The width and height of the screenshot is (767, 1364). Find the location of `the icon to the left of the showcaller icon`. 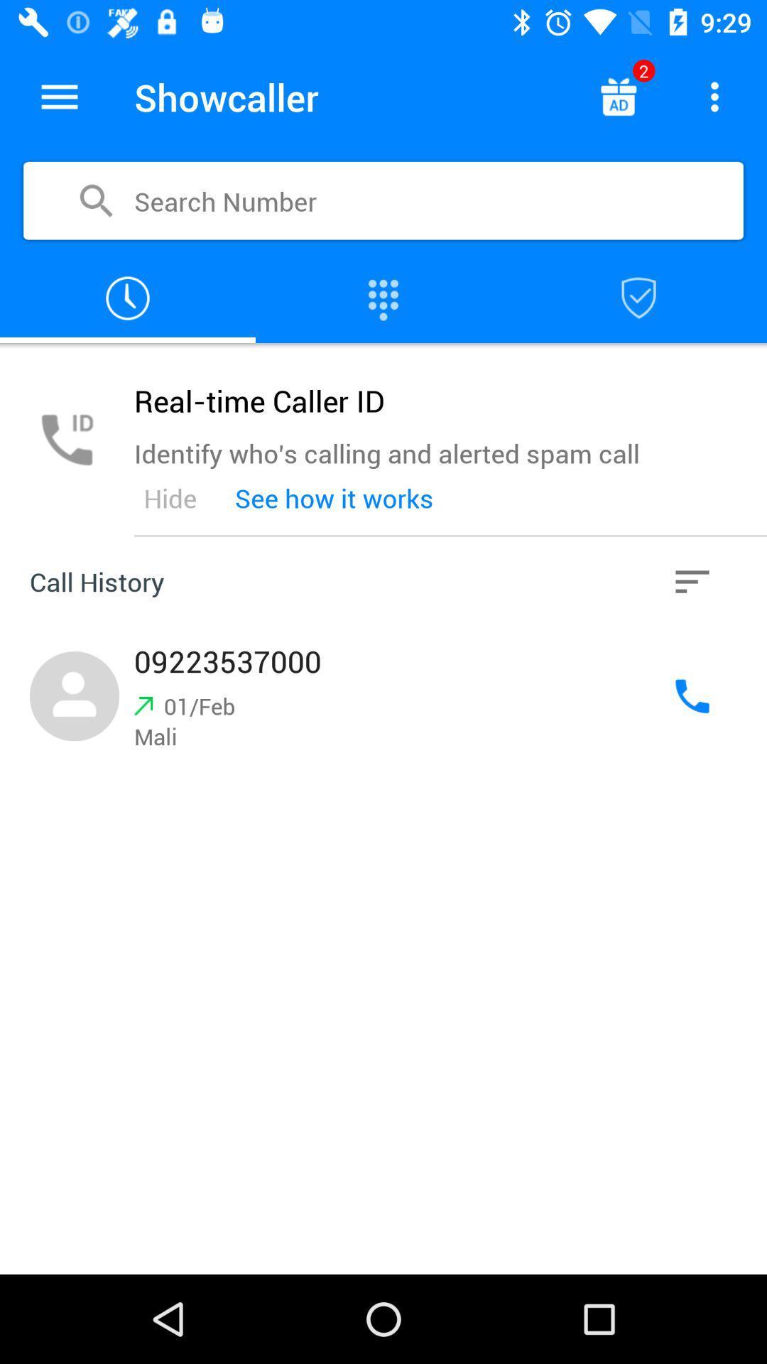

the icon to the left of the showcaller icon is located at coordinates (59, 96).